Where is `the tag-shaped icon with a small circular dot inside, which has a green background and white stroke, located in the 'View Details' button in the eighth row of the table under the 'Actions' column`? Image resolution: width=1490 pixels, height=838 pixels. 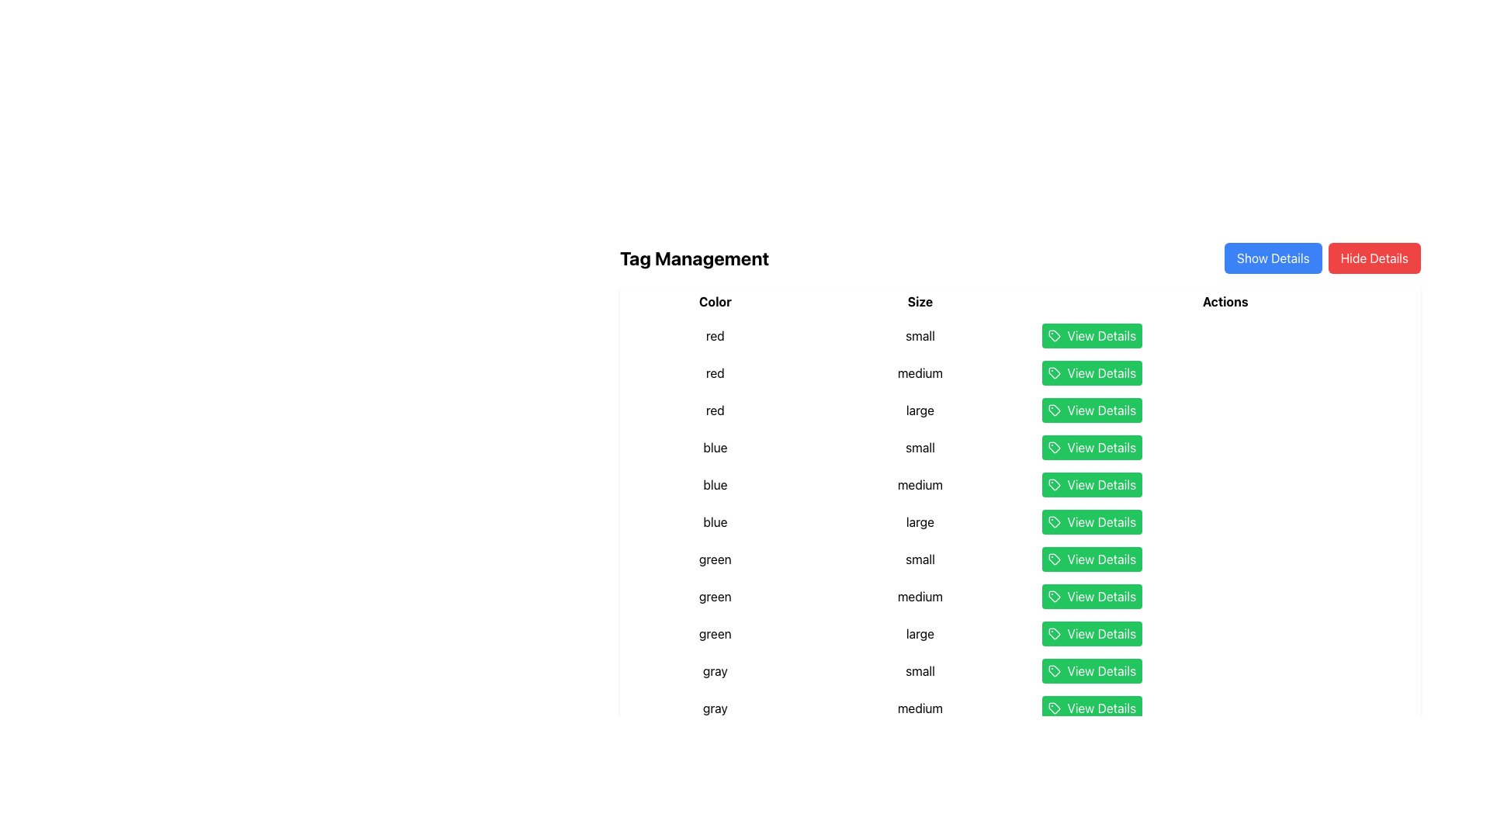
the tag-shaped icon with a small circular dot inside, which has a green background and white stroke, located in the 'View Details' button in the eighth row of the table under the 'Actions' column is located at coordinates (1055, 559).